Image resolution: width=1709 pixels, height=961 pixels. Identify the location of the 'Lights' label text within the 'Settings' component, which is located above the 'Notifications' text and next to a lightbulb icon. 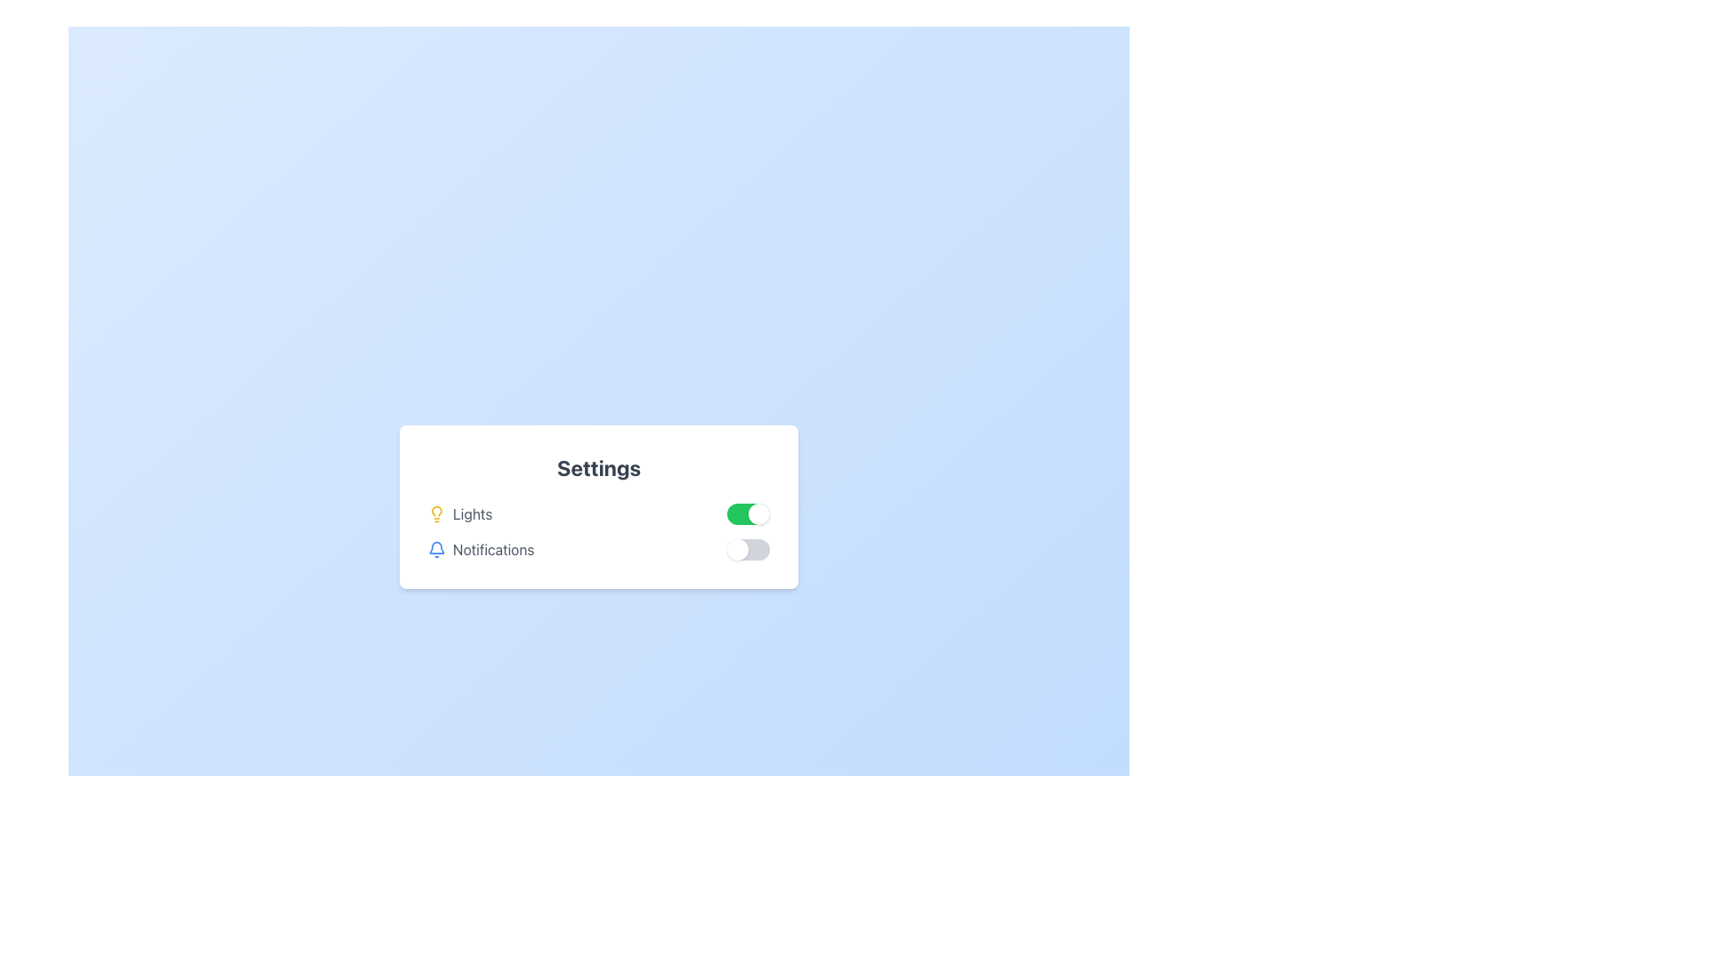
(473, 514).